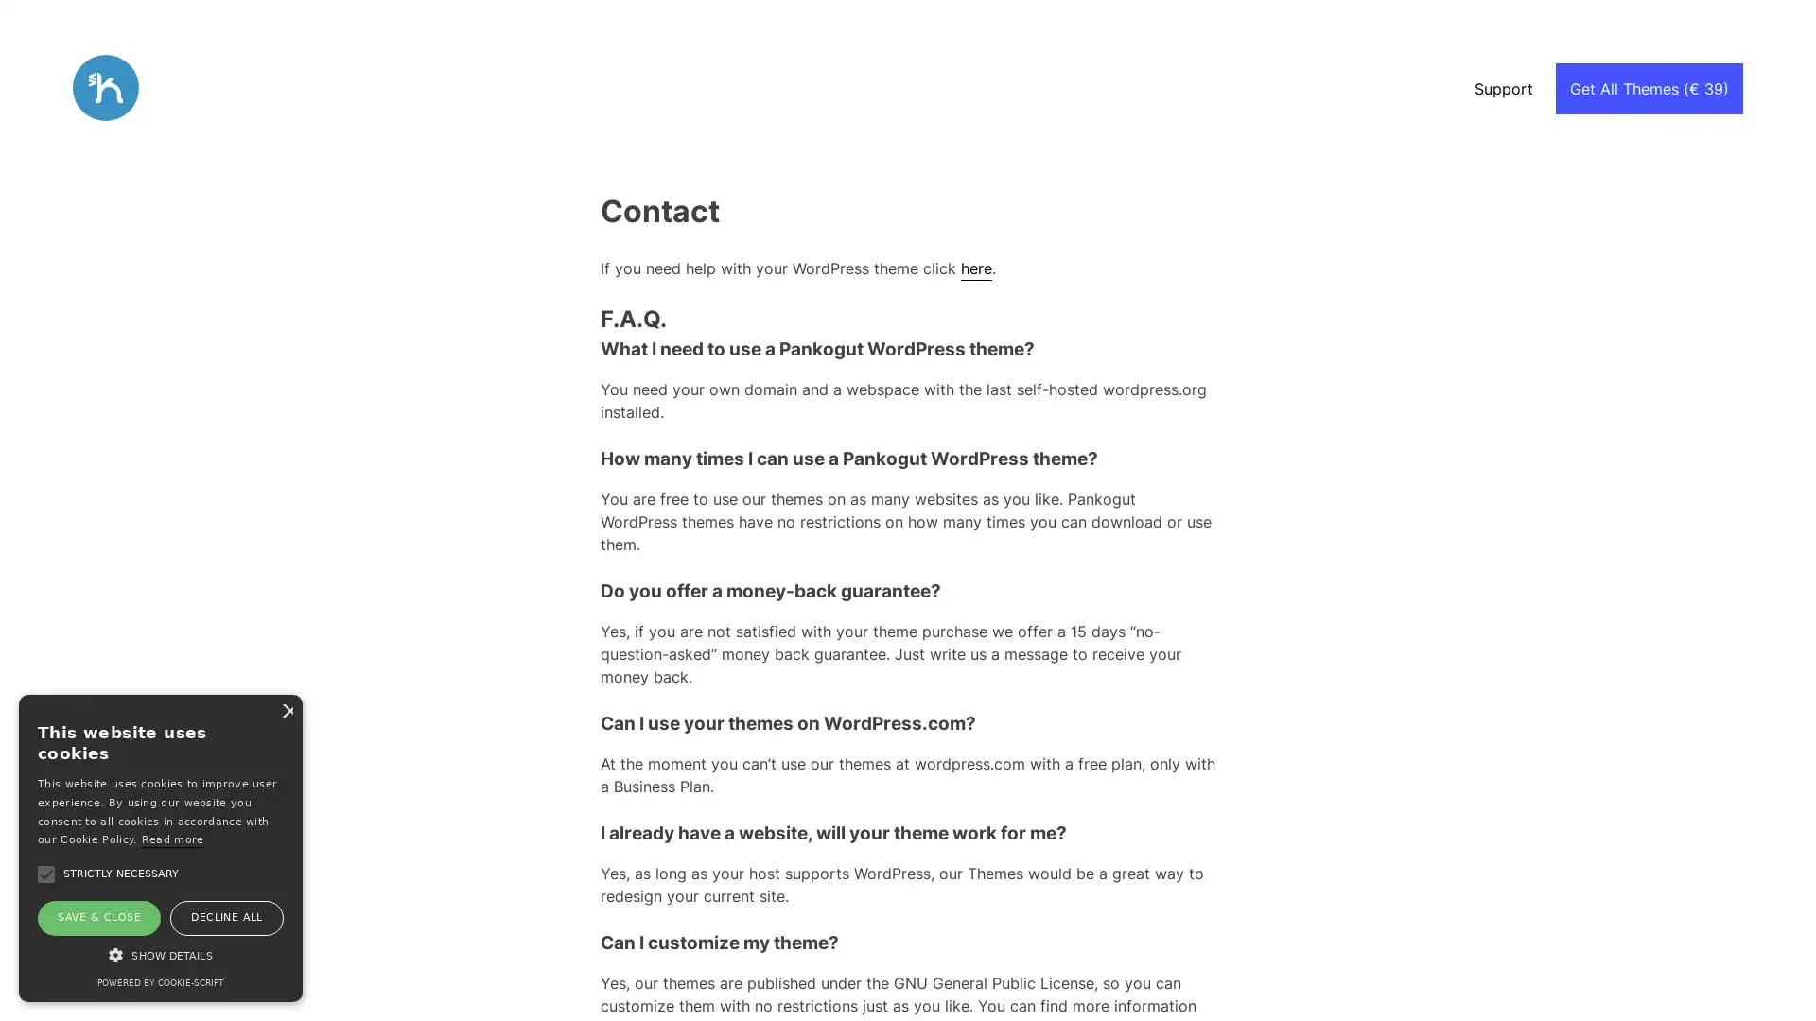 Image resolution: width=1816 pixels, height=1021 pixels. What do you see at coordinates (227, 917) in the screenshot?
I see `DECLINE ALL` at bounding box center [227, 917].